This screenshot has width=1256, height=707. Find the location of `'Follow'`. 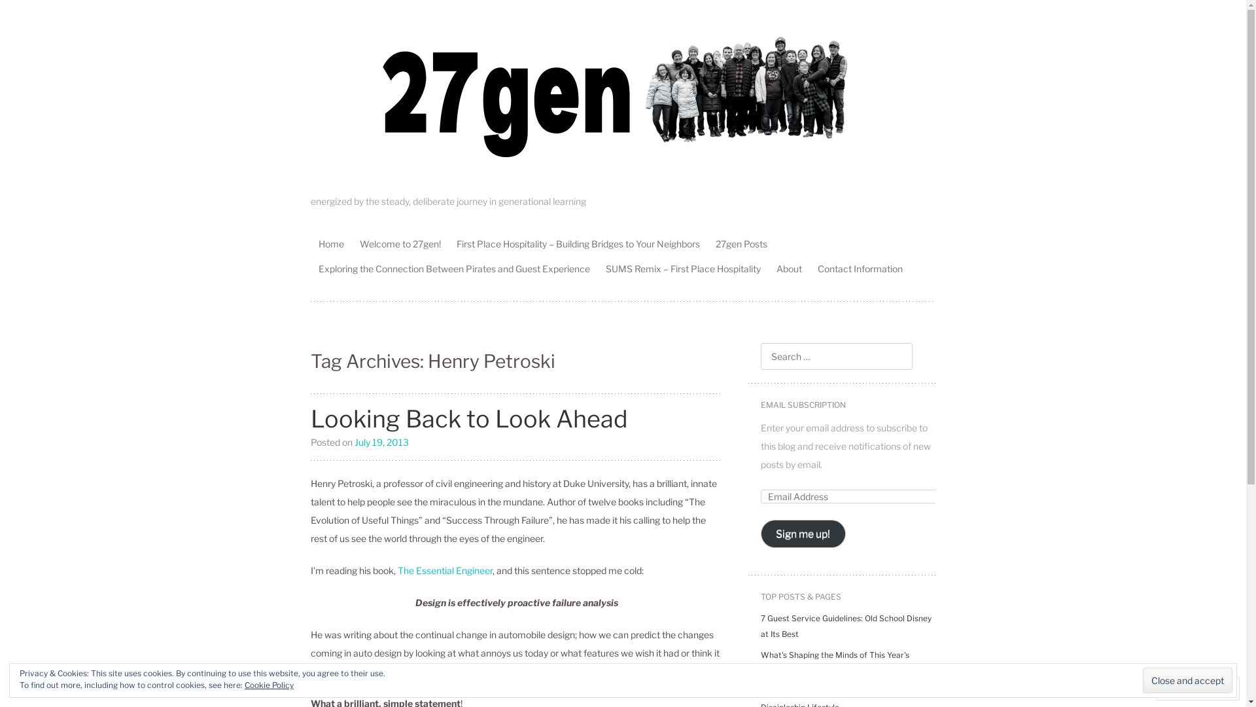

'Follow' is located at coordinates (1186, 688).